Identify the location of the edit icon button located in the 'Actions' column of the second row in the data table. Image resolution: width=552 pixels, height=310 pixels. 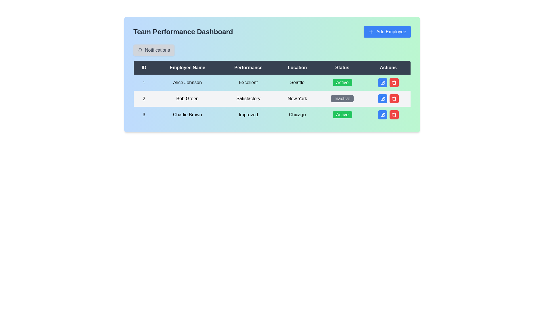
(383, 114).